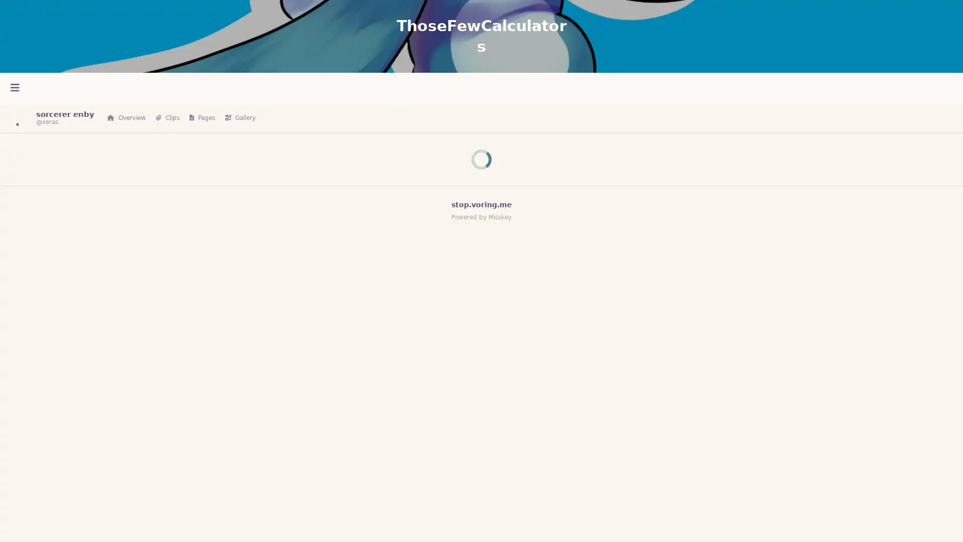  I want to click on Gallery, so click(240, 117).